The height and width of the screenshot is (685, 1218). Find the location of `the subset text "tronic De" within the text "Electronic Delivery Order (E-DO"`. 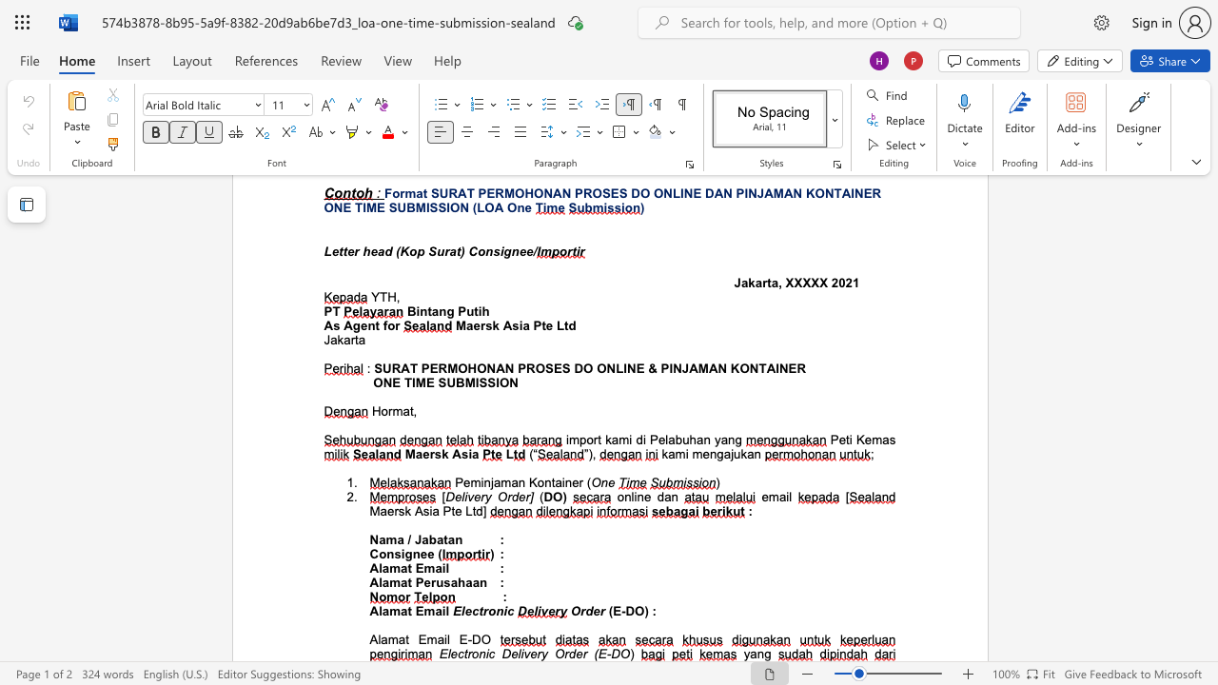

the subset text "tronic De" within the text "Electronic Delivery Order (E-DO" is located at coordinates (463, 653).